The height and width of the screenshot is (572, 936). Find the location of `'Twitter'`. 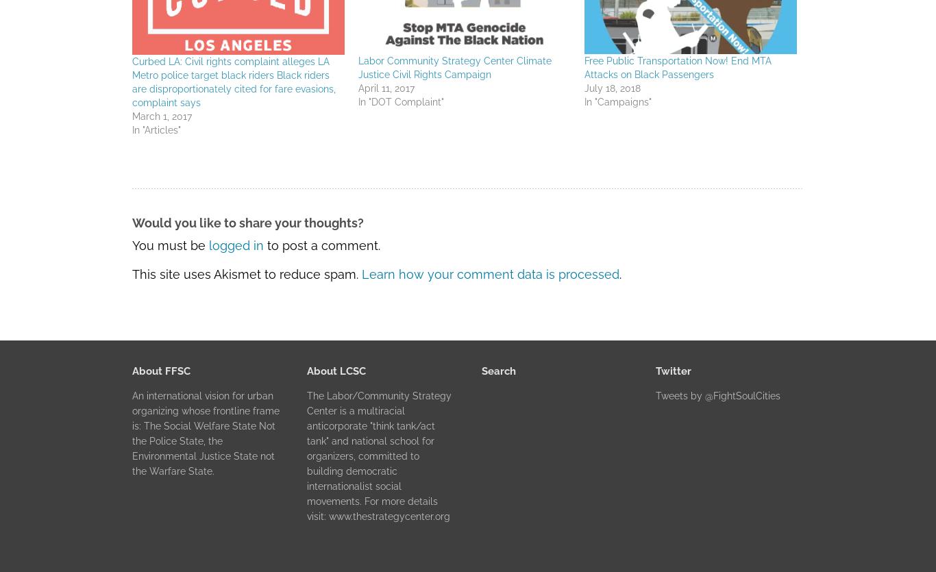

'Twitter' is located at coordinates (656, 370).